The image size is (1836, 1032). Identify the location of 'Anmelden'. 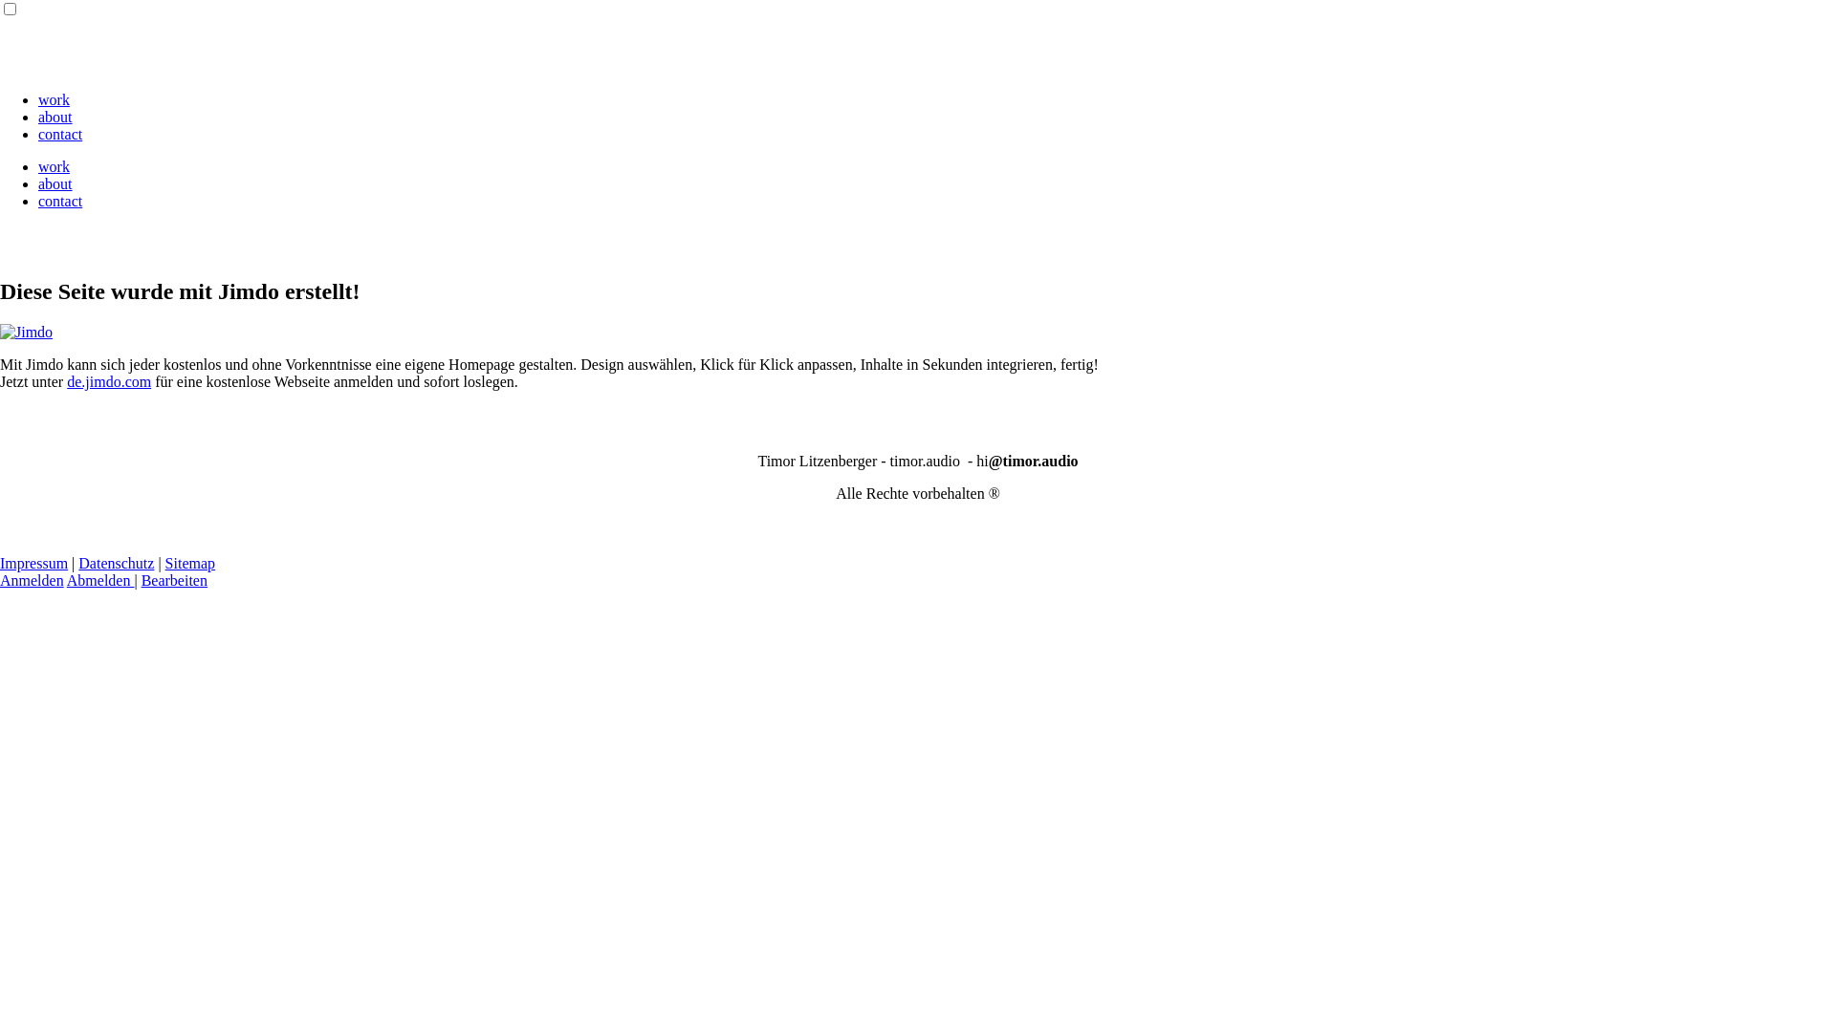
(32, 579).